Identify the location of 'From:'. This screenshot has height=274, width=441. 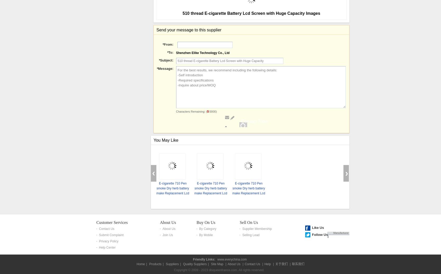
(168, 191).